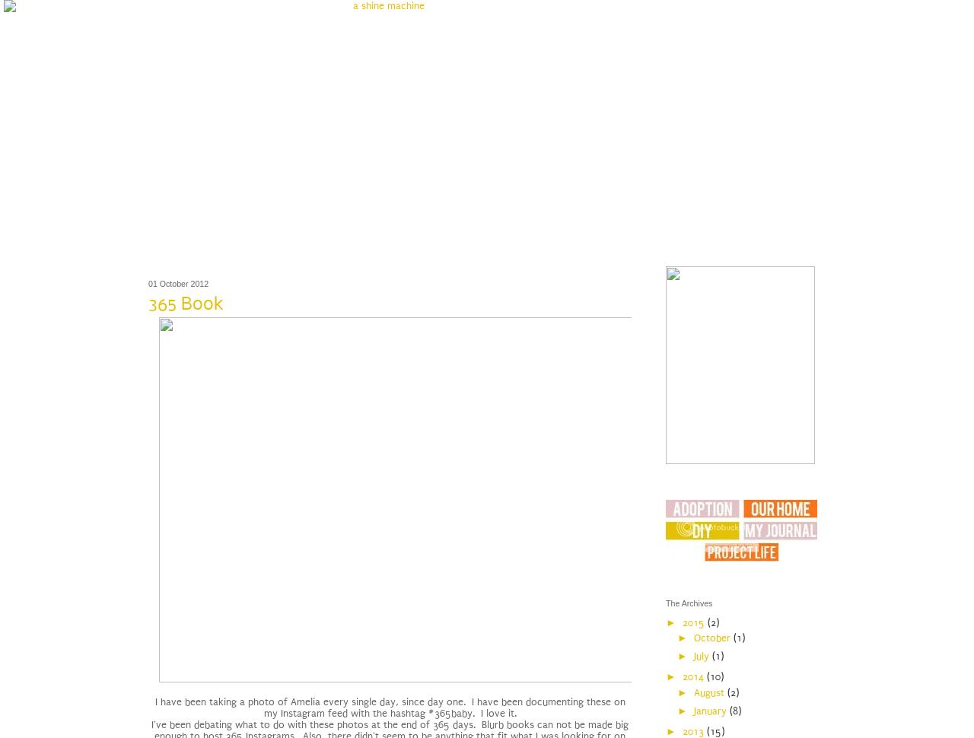 This screenshot has width=974, height=738. I want to click on '(10)', so click(714, 676).